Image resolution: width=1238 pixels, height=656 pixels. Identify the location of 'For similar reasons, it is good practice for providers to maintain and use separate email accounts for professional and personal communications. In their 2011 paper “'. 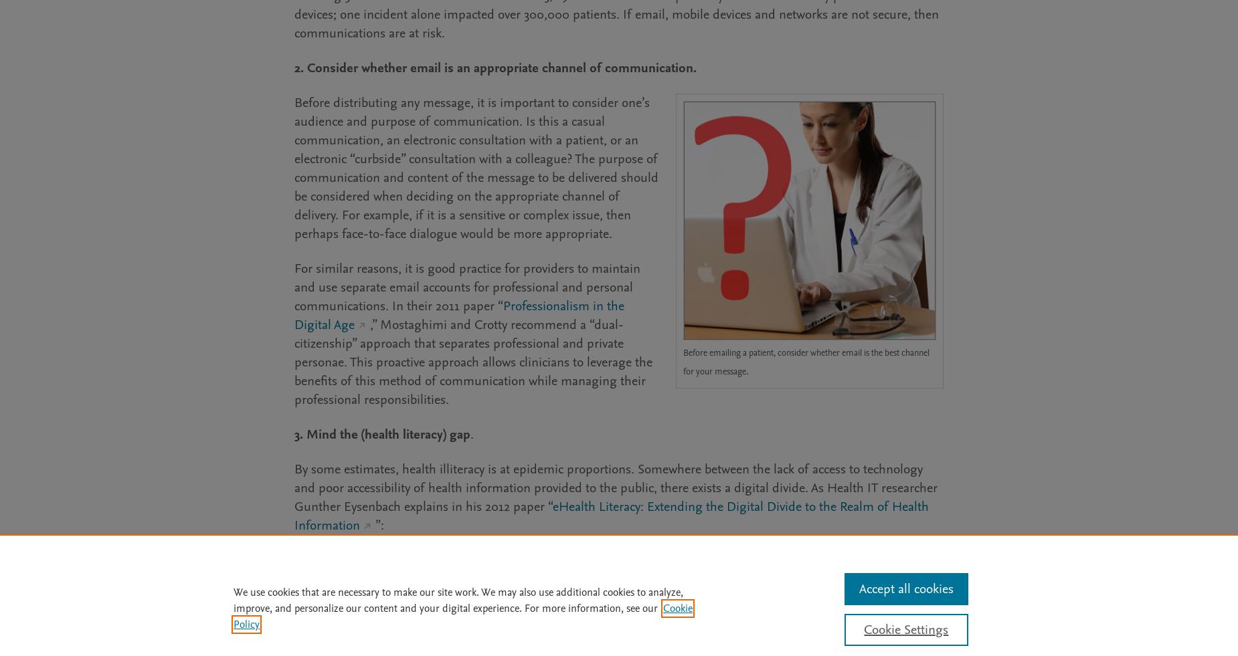
(467, 286).